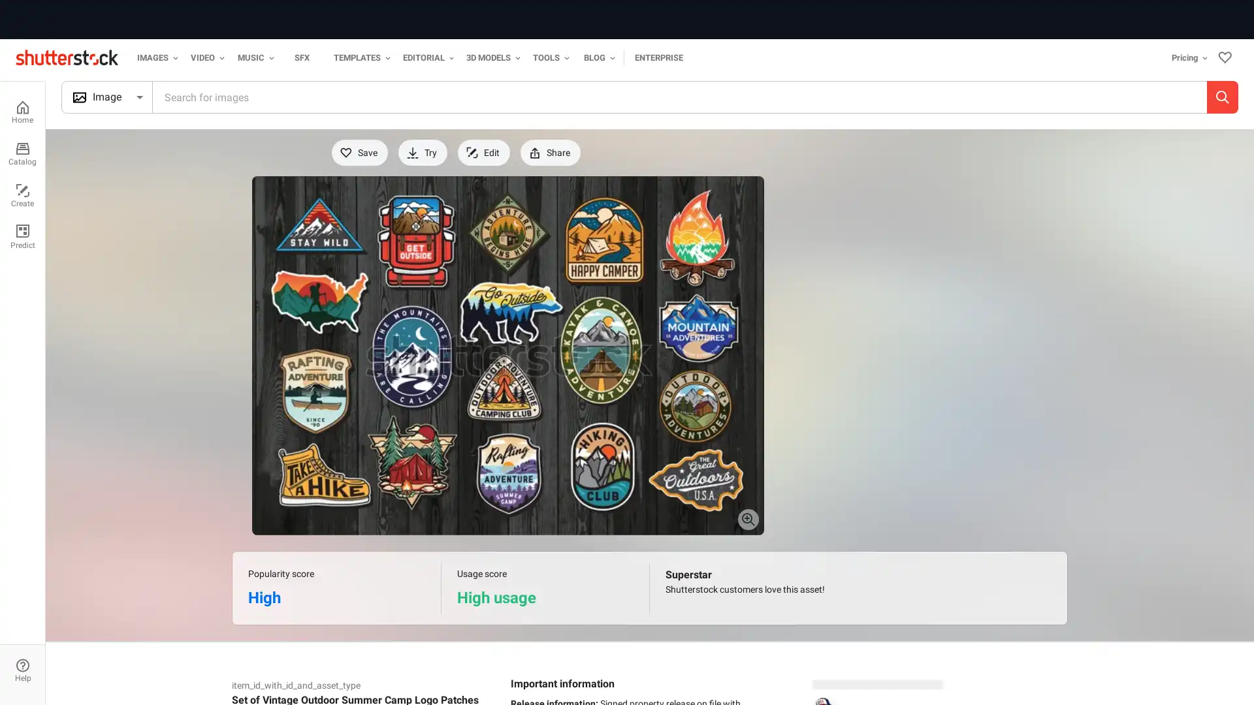 This screenshot has height=705, width=1254. I want to click on Accept Cookies, so click(914, 655).